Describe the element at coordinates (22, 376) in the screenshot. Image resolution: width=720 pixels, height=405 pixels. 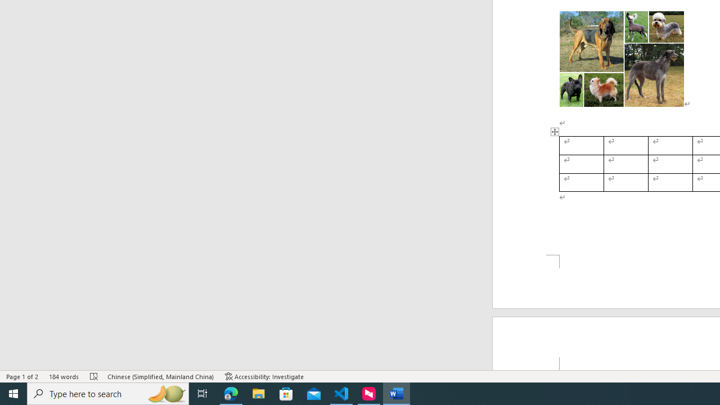
I see `'Page Number Page 1 of 2'` at that location.